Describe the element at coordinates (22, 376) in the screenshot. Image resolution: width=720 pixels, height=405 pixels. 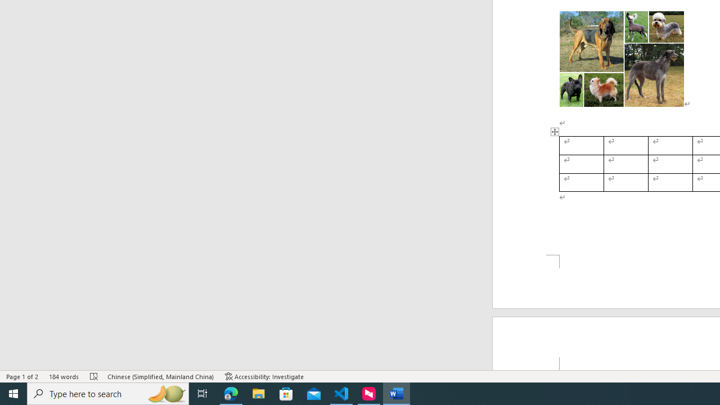
I see `'Page Number Page 1 of 2'` at that location.